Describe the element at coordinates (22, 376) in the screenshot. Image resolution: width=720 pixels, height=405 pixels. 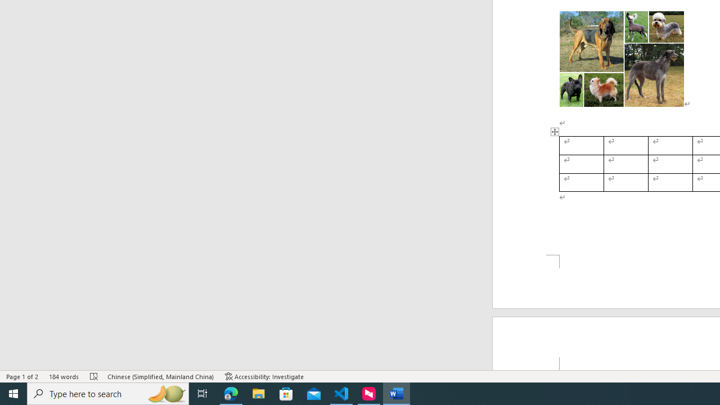
I see `'Page Number Page 1 of 2'` at that location.